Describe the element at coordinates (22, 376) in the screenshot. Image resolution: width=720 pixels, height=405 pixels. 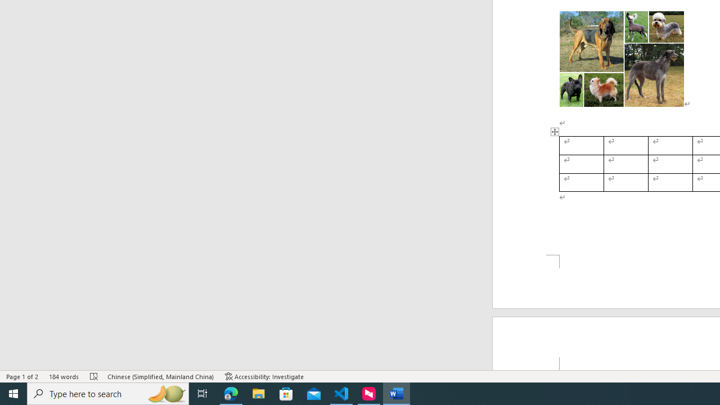
I see `'Page Number Page 1 of 2'` at that location.